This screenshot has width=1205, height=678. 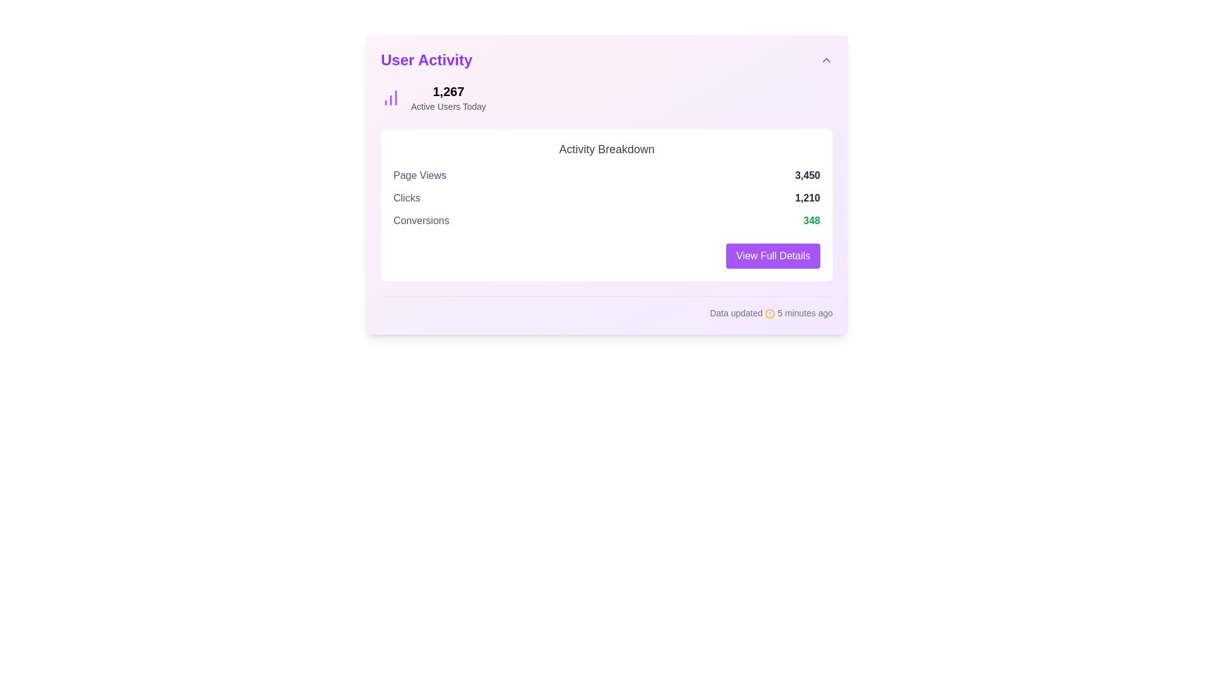 I want to click on the 'Conversions' text label located in the 'Activity Breakdown' section of the 'User Activity' card, so click(x=421, y=220).